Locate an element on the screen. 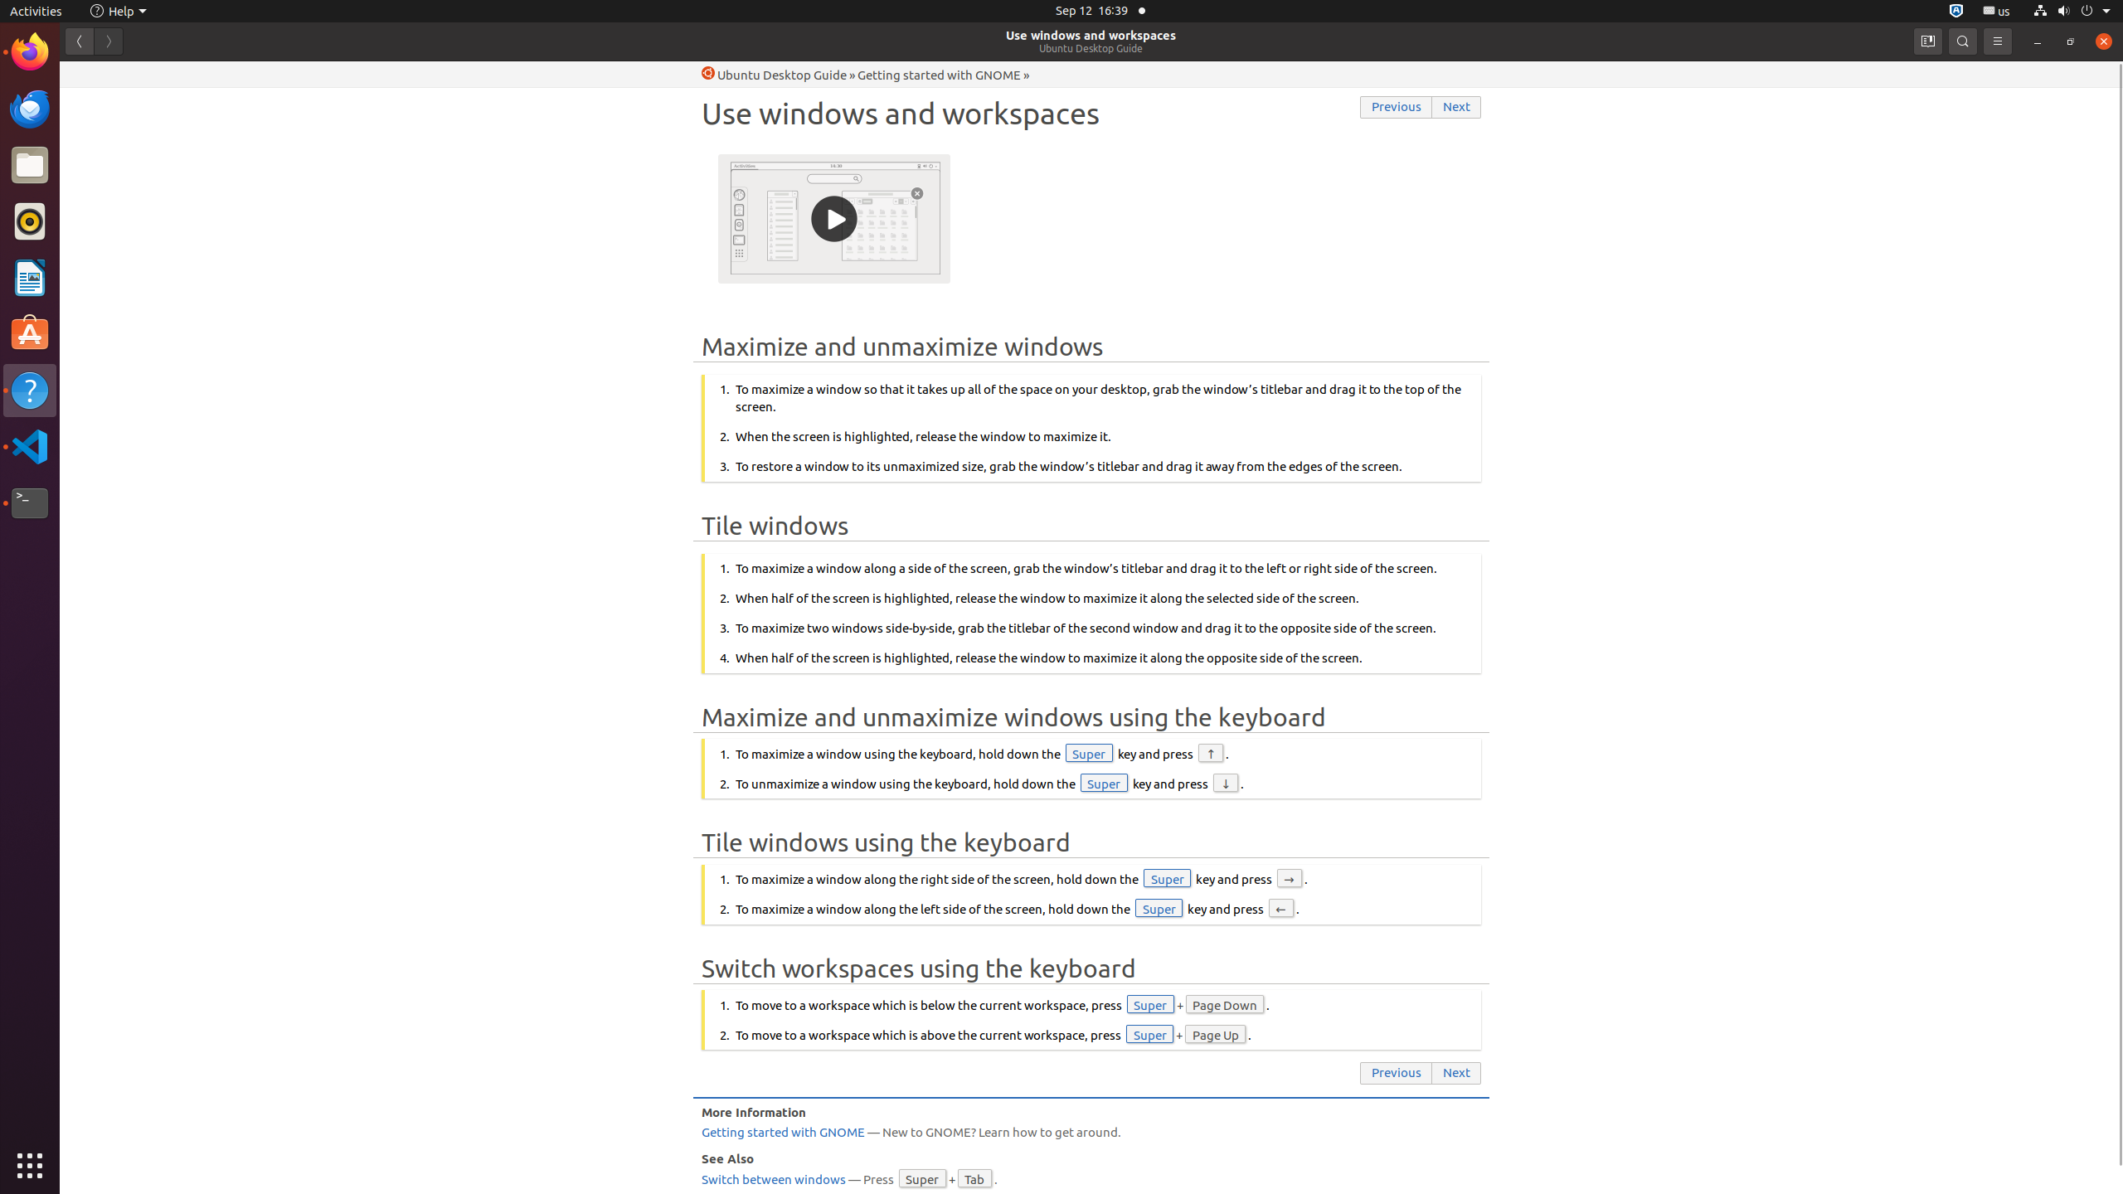  'Firefox Web Browser' is located at coordinates (30, 51).